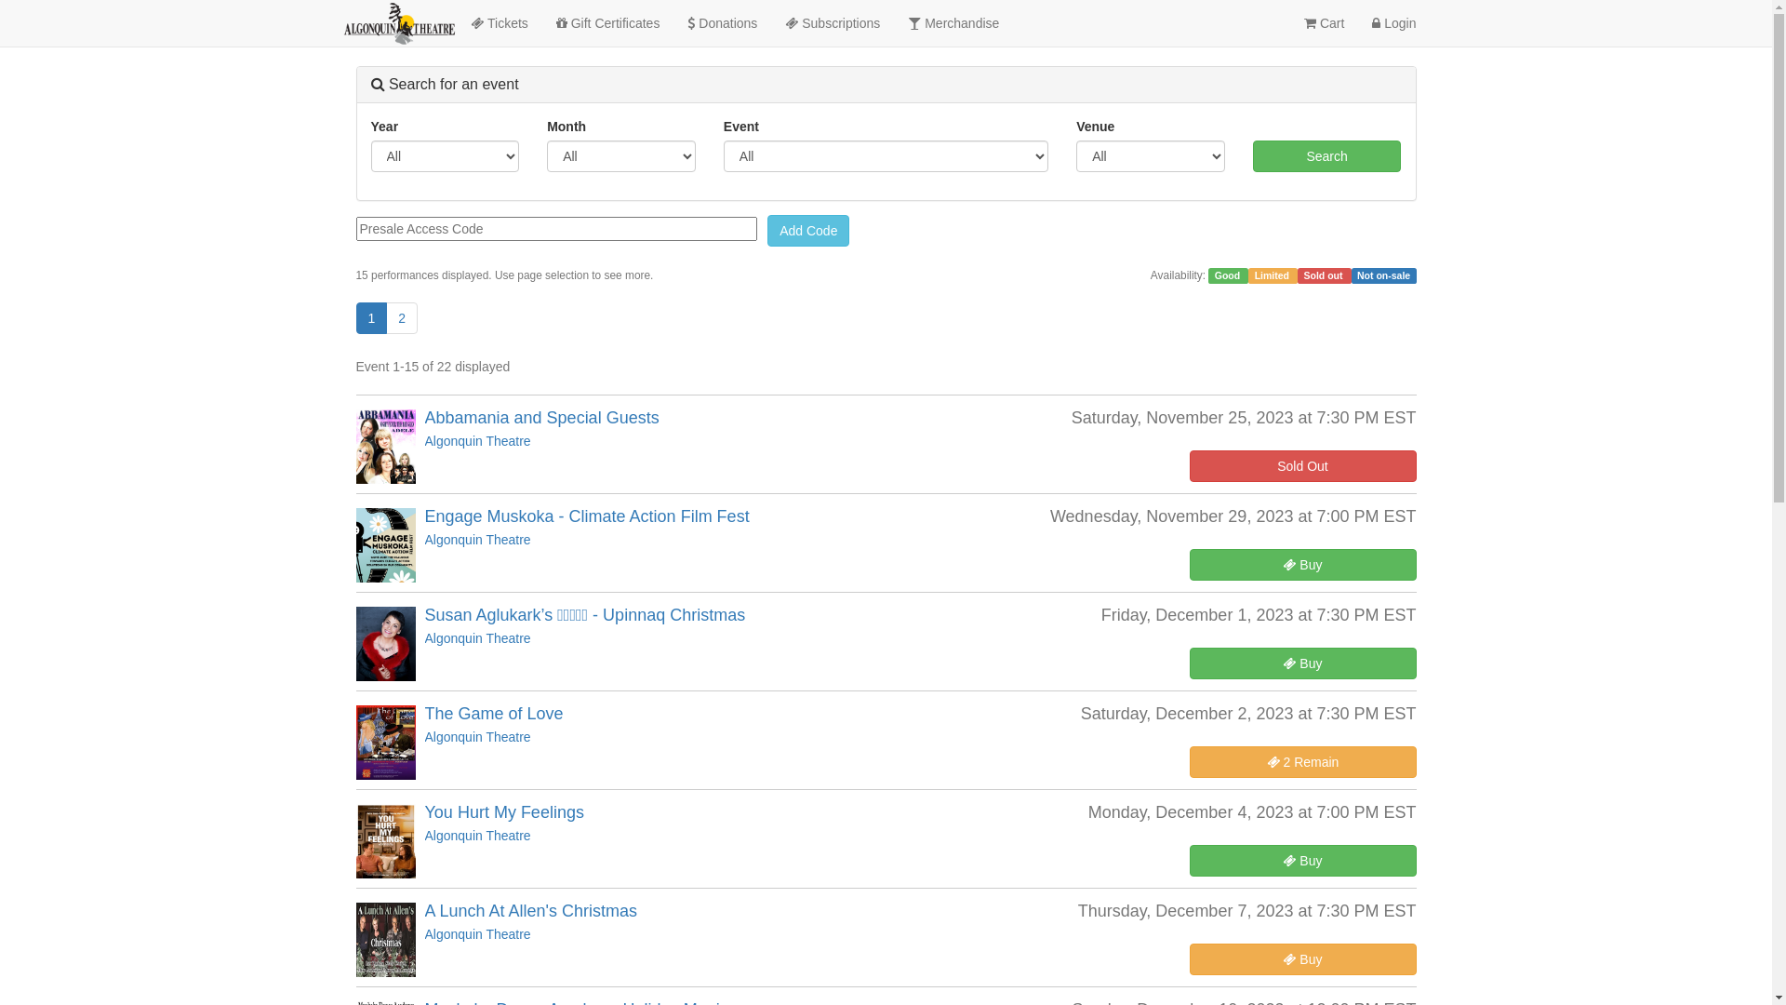 The height and width of the screenshot is (1005, 1786). Describe the element at coordinates (1301, 563) in the screenshot. I see `'Buy'` at that location.